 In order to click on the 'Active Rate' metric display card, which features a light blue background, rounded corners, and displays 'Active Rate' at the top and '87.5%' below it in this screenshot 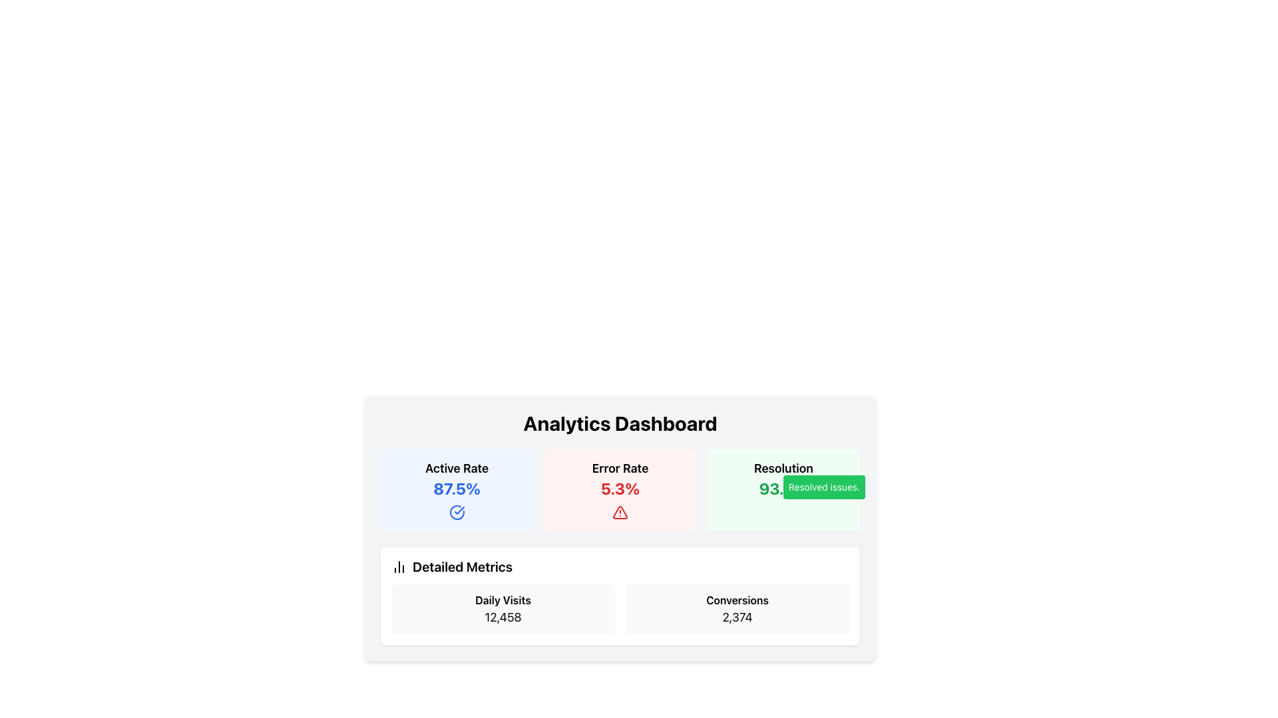, I will do `click(457, 489)`.